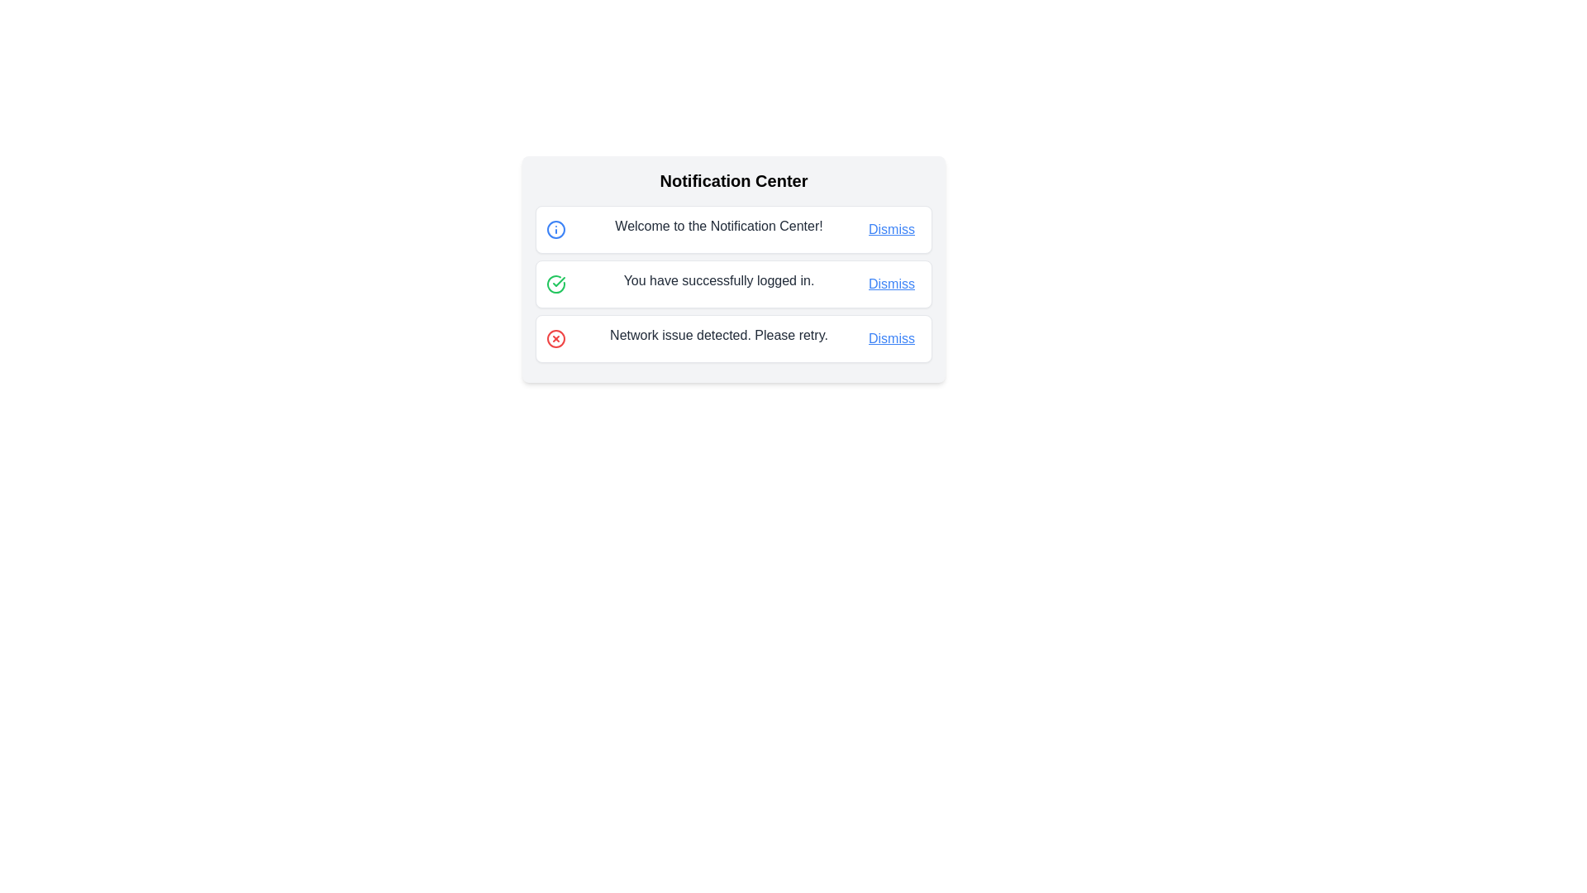  Describe the element at coordinates (718, 226) in the screenshot. I see `the text element displaying 'Welcome to the Notification Center!' which is the first notification entry in a stacked list, located between a blue circular icon and a 'Dismiss' link` at that location.